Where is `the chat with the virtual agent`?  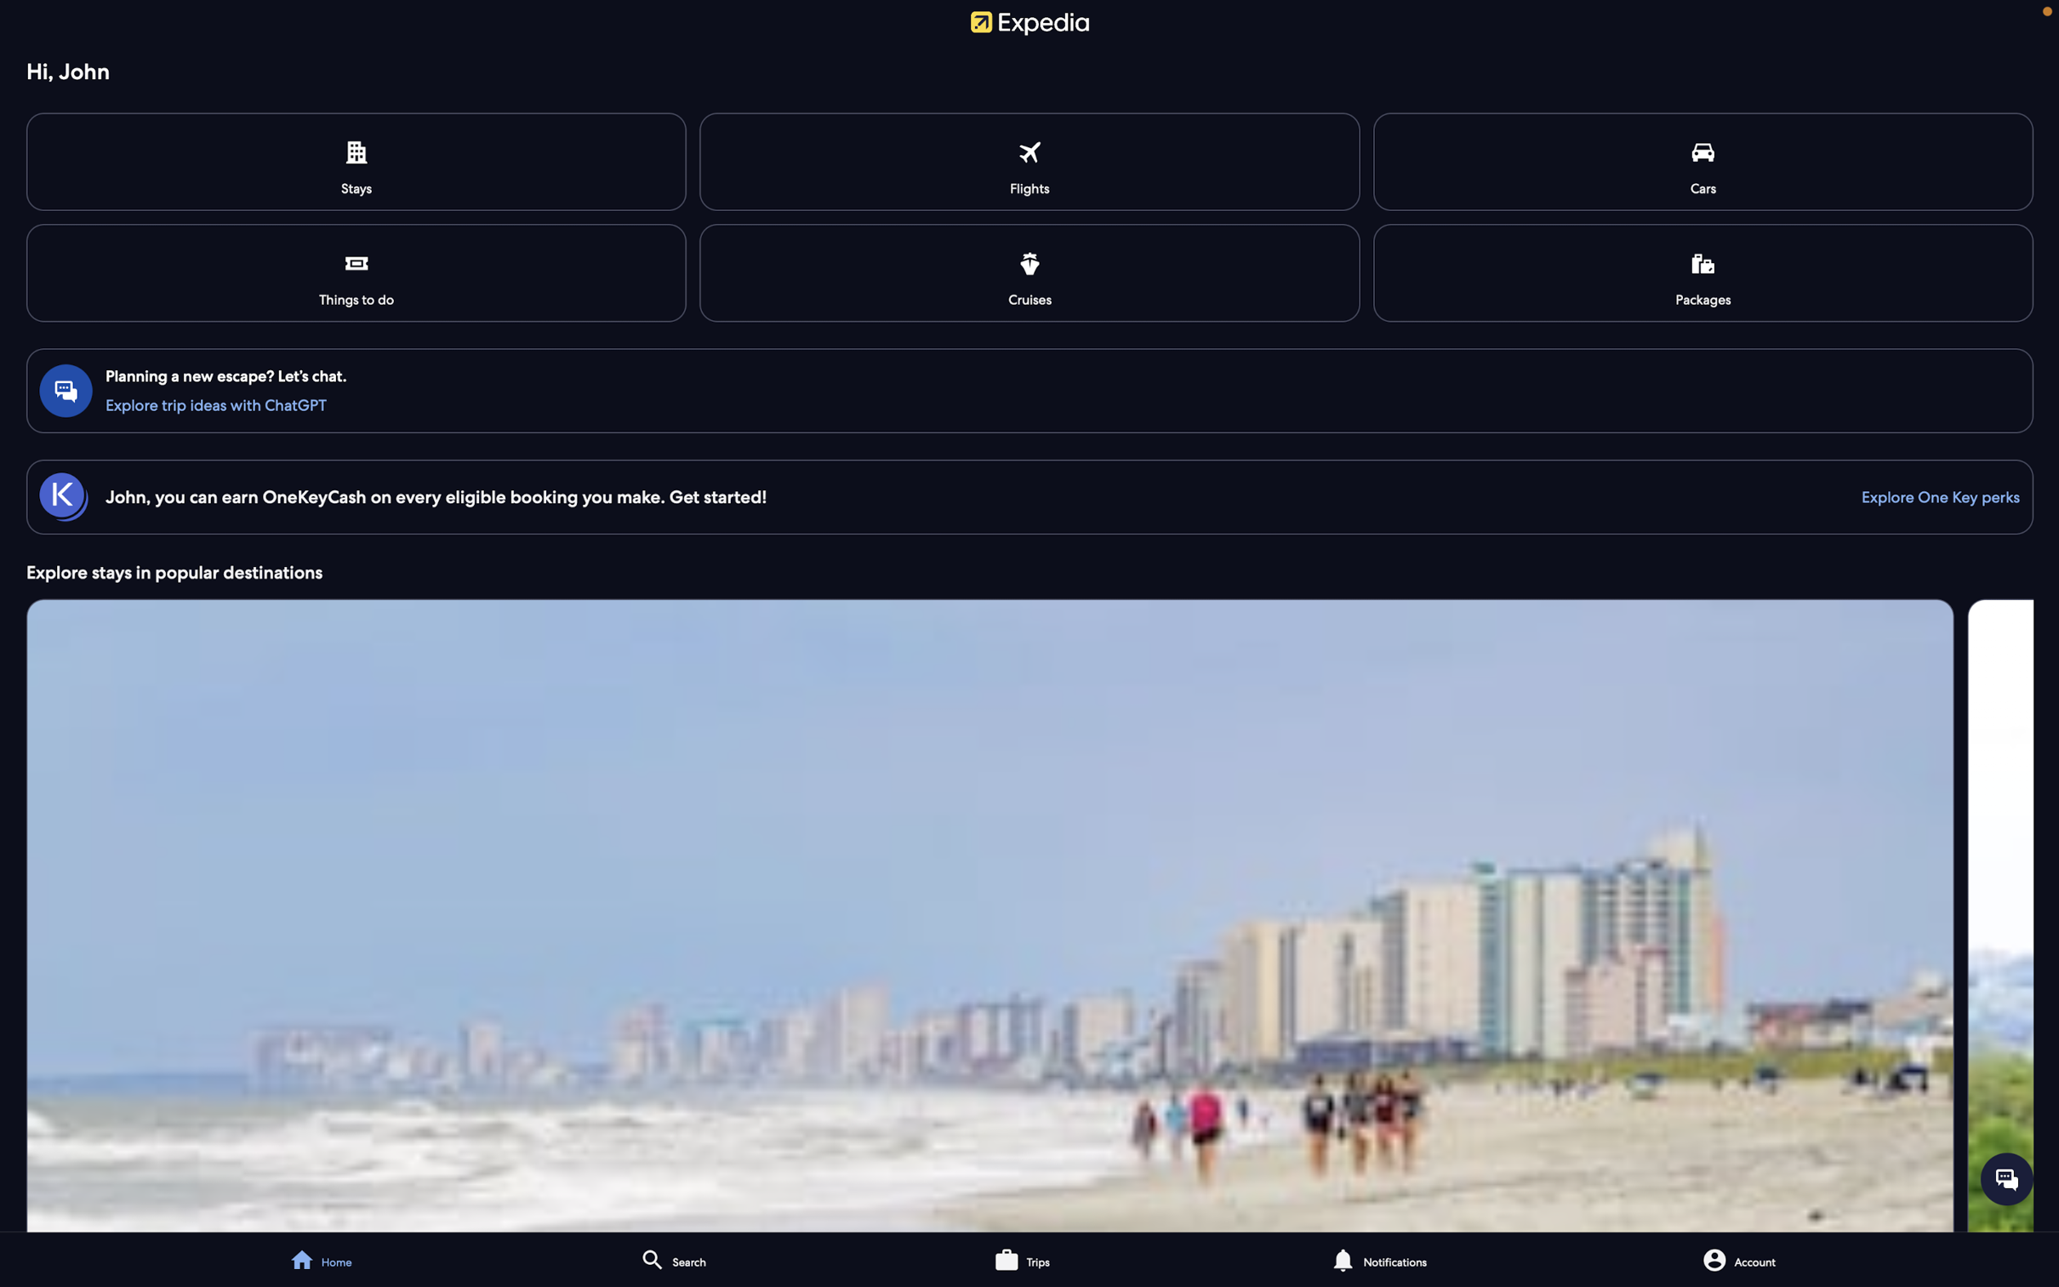
the chat with the virtual agent is located at coordinates (1031, 403).